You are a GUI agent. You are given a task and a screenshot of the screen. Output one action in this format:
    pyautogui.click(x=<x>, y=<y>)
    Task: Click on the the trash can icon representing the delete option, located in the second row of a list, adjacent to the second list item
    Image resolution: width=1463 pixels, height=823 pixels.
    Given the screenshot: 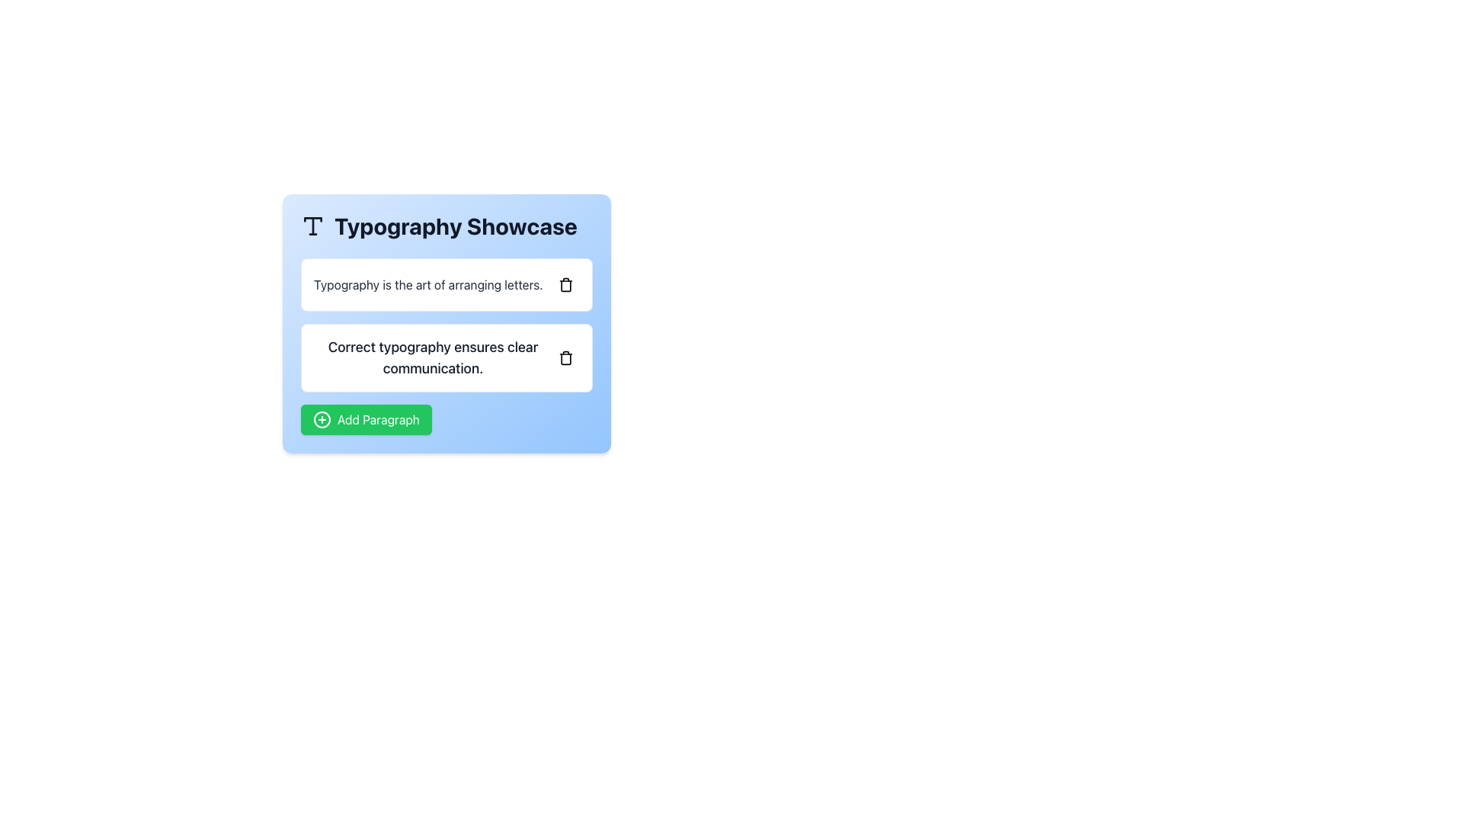 What is the action you would take?
    pyautogui.click(x=565, y=358)
    